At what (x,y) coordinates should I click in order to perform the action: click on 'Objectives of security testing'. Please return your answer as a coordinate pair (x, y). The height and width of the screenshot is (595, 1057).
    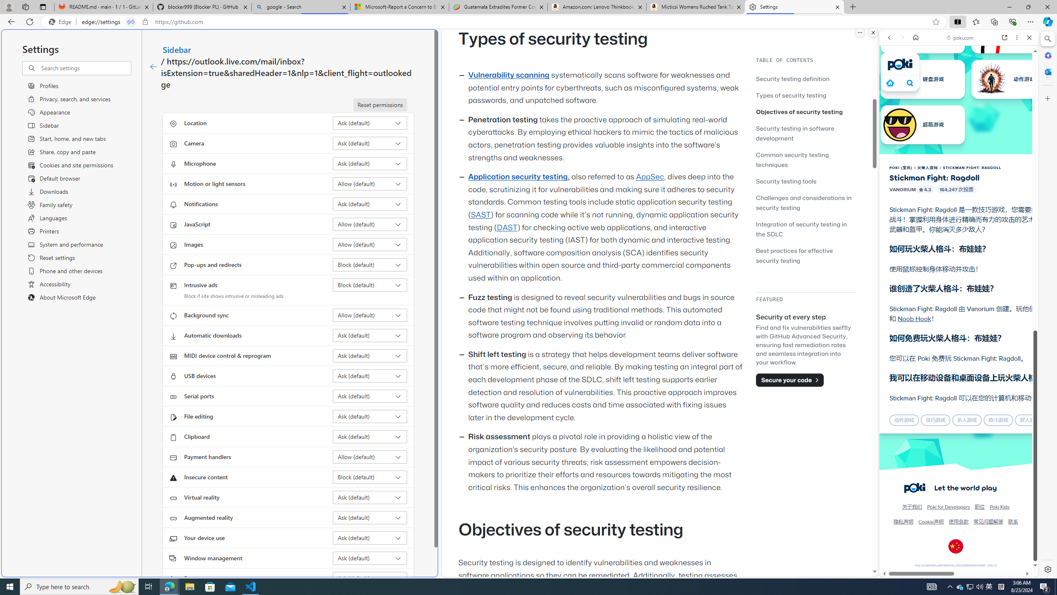
    Looking at the image, I should click on (805, 111).